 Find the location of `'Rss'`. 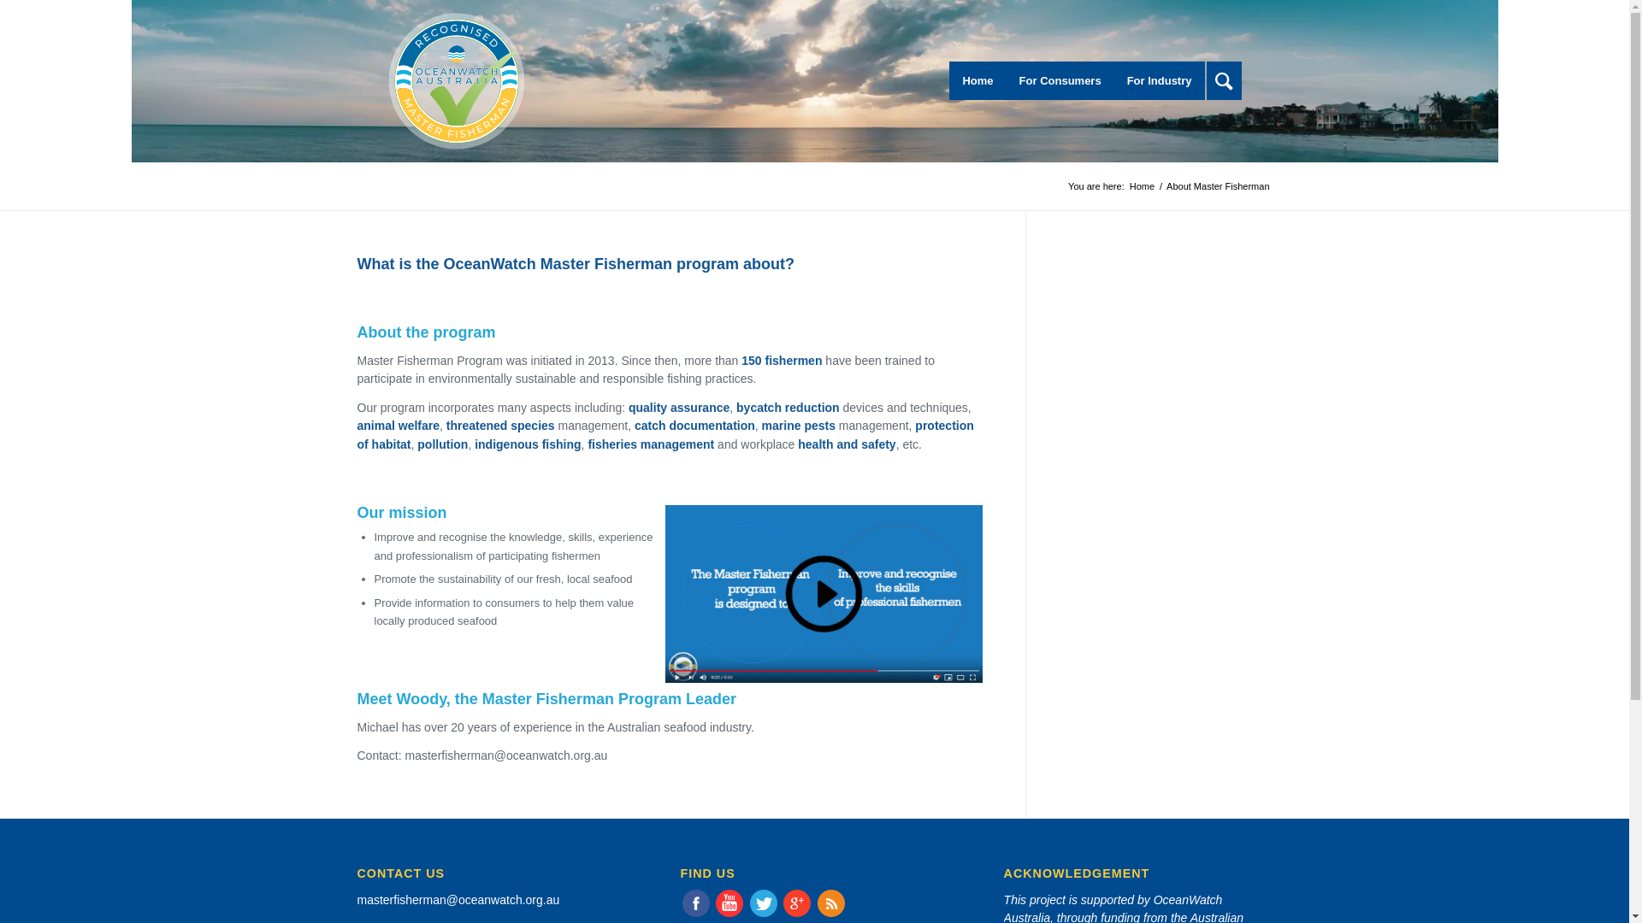

'Rss' is located at coordinates (815, 914).